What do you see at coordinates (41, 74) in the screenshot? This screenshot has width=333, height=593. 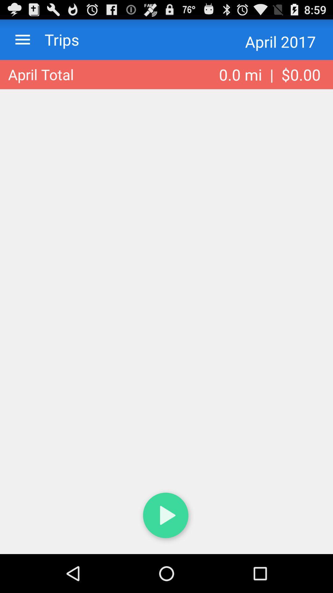 I see `april total app` at bounding box center [41, 74].